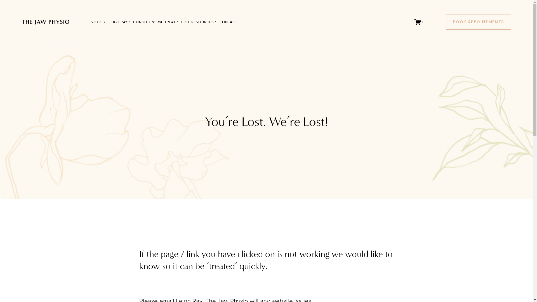 The width and height of the screenshot is (537, 302). Describe the element at coordinates (199, 22) in the screenshot. I see `'FREE RESOURCES /'` at that location.